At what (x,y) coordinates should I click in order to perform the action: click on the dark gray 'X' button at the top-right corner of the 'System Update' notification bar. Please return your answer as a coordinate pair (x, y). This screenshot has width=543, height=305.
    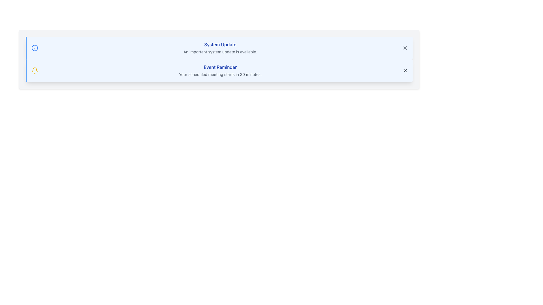
    Looking at the image, I should click on (405, 47).